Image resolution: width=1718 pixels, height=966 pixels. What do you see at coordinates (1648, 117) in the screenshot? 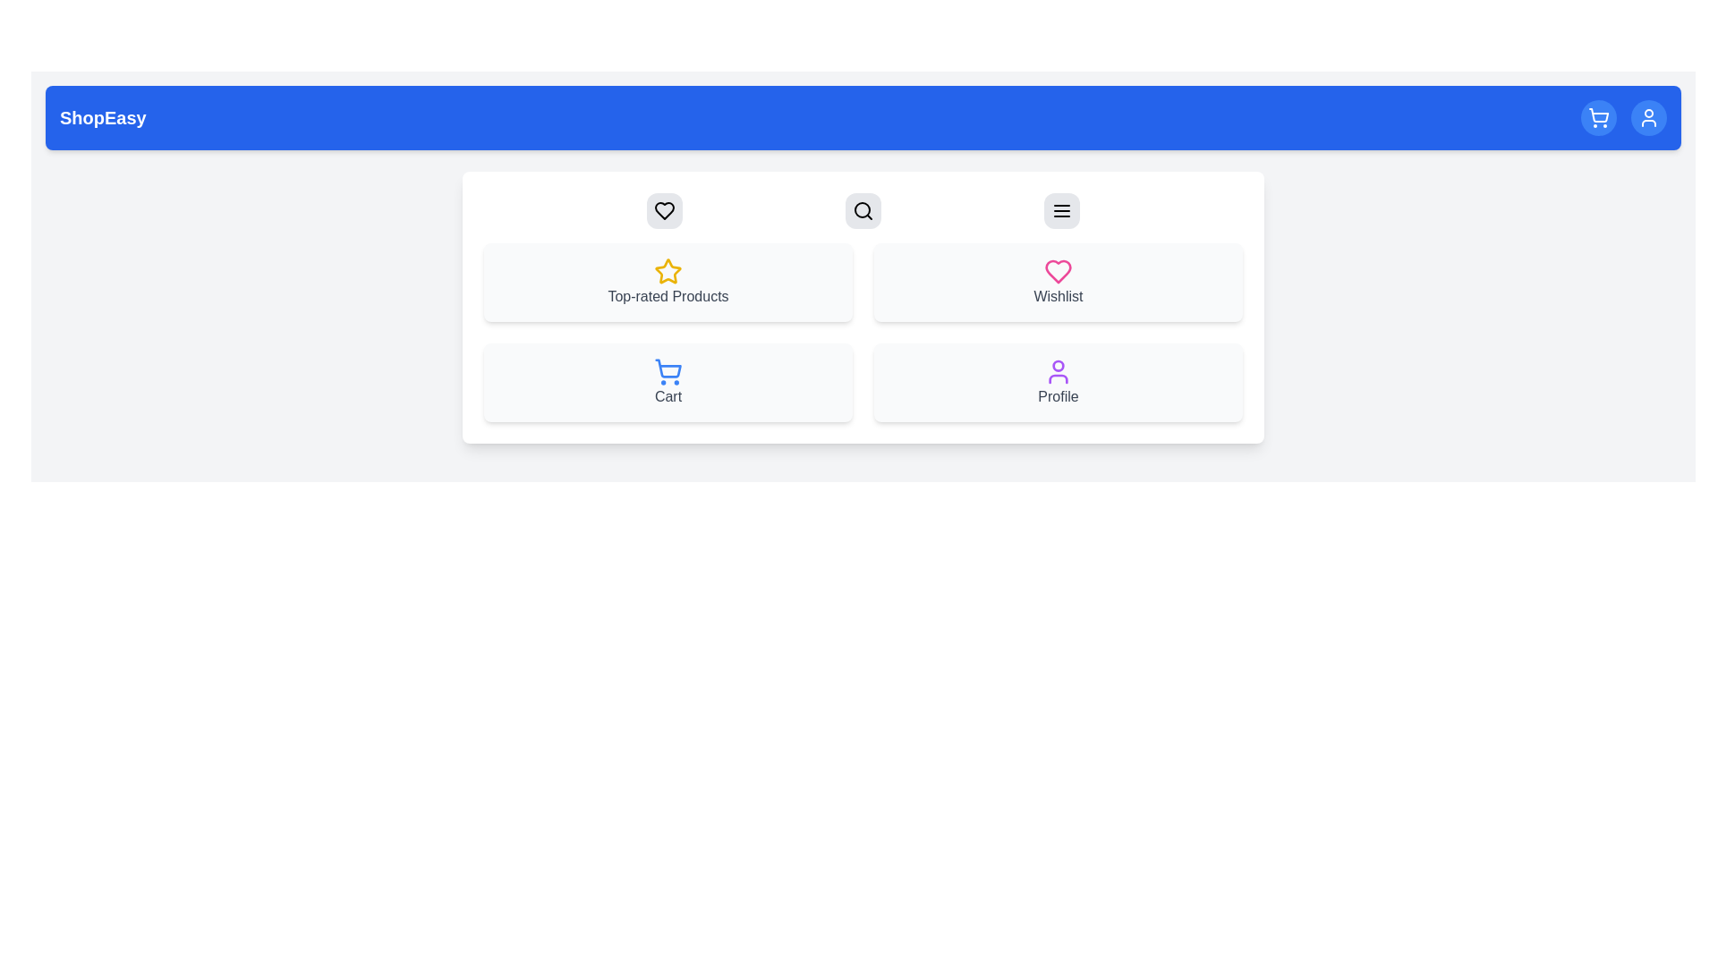
I see `the circular user icon button with a white figure on a blue background located at the top-right corner of the interface` at bounding box center [1648, 117].